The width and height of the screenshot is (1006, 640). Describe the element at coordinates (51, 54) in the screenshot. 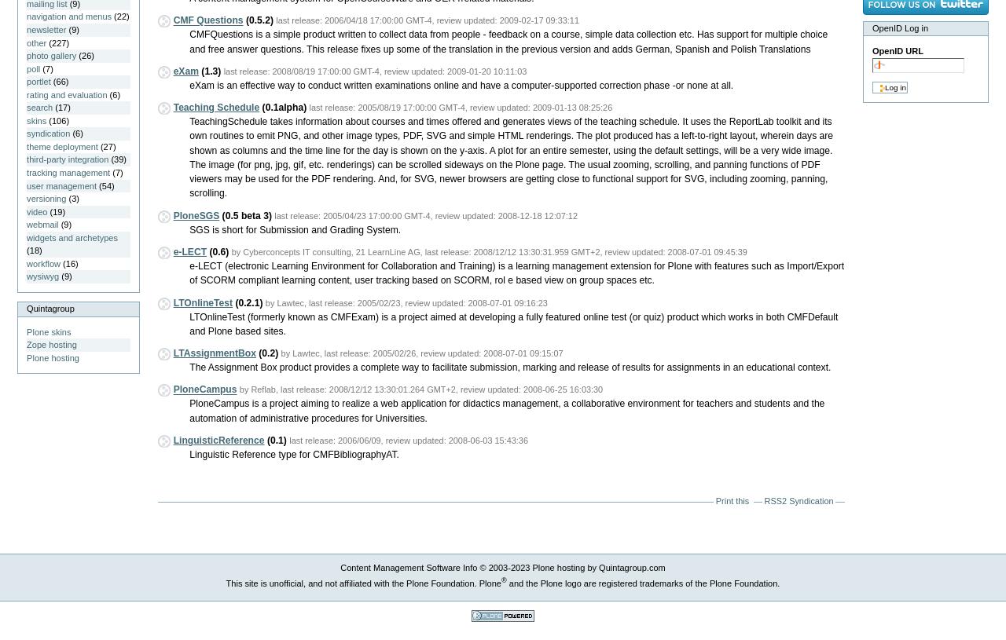

I see `'photo gallery'` at that location.